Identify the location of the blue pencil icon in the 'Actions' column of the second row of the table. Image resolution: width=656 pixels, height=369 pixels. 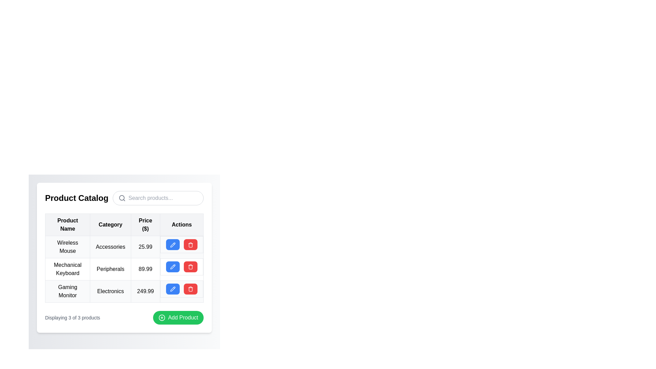
(173, 244).